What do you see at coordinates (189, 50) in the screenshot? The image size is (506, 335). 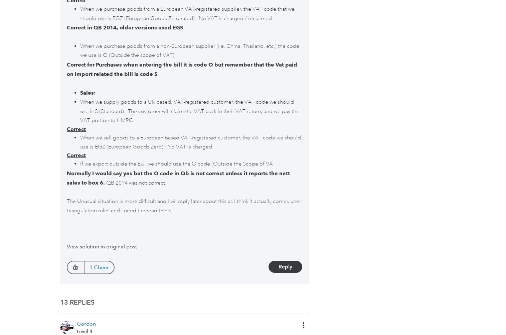 I see `'When we purchase goods from a non-European supplier (i.e. China, 
Thailand, etc.) the code we use is O (Outside the scope of VAT).'` at bounding box center [189, 50].